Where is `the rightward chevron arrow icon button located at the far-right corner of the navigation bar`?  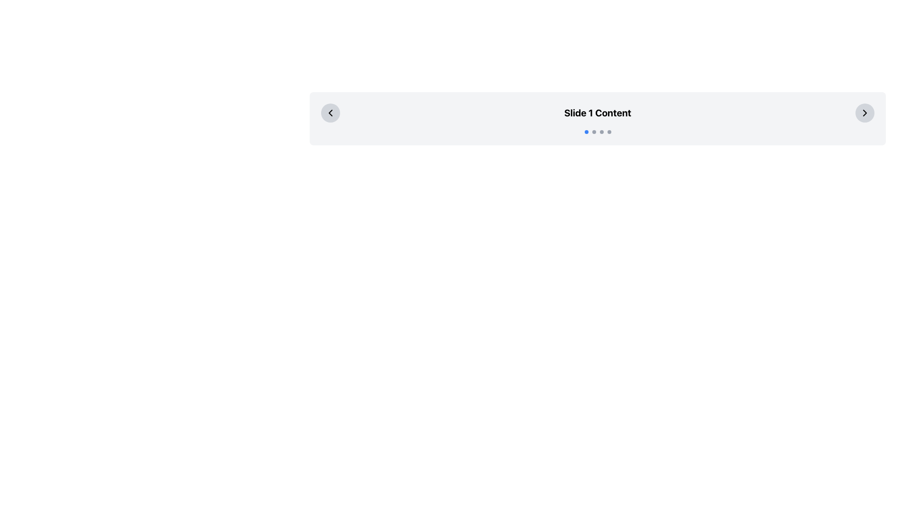 the rightward chevron arrow icon button located at the far-right corner of the navigation bar is located at coordinates (864, 113).